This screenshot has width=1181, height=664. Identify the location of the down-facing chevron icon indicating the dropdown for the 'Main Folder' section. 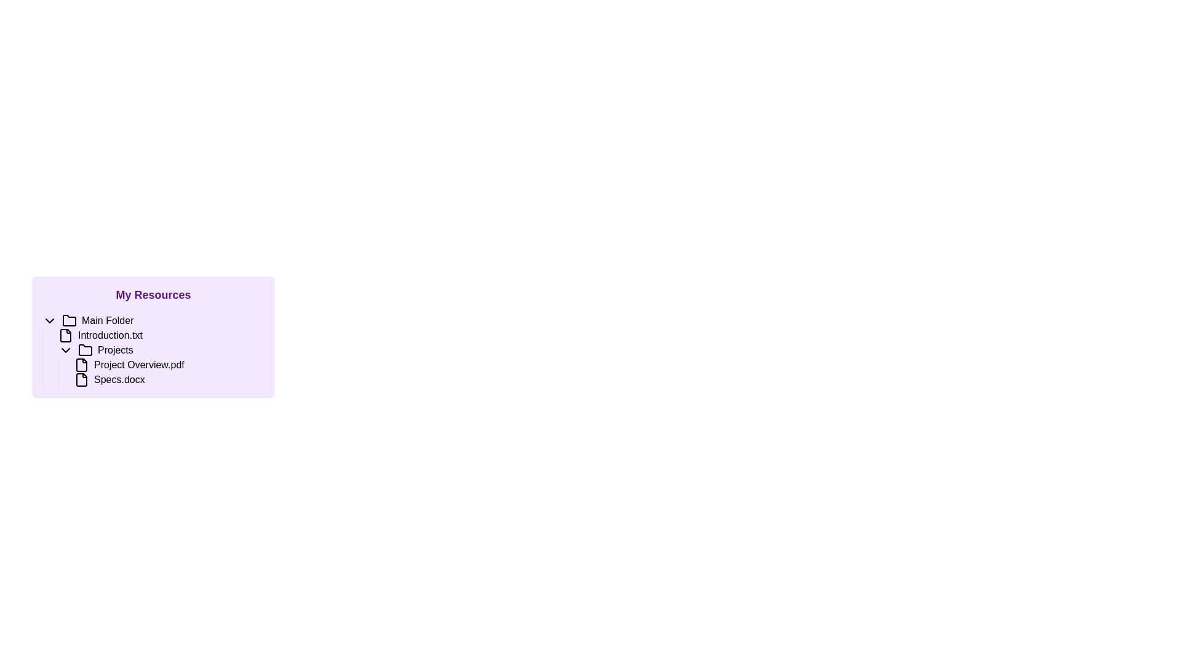
(49, 320).